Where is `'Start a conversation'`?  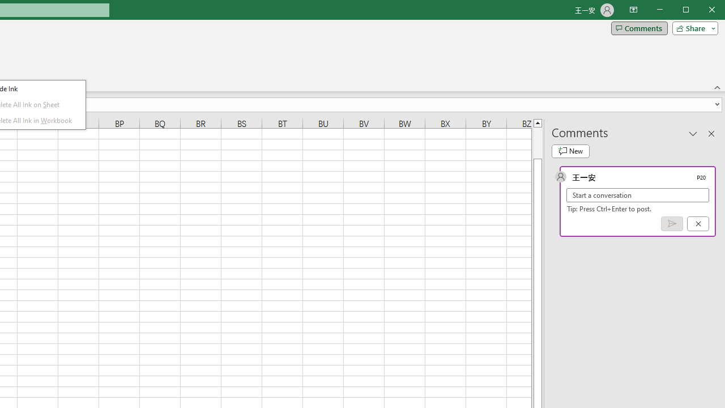
'Start a conversation' is located at coordinates (638, 194).